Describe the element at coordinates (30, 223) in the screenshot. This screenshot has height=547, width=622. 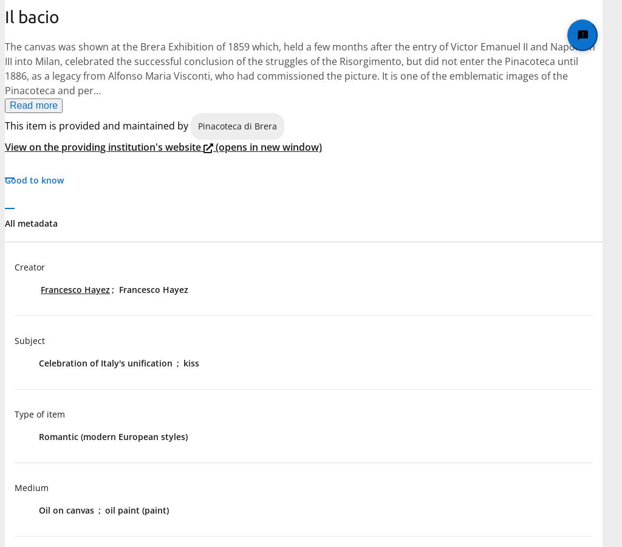
I see `'All metadata'` at that location.